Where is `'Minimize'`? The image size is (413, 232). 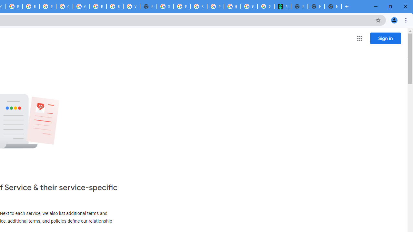 'Minimize' is located at coordinates (376, 6).